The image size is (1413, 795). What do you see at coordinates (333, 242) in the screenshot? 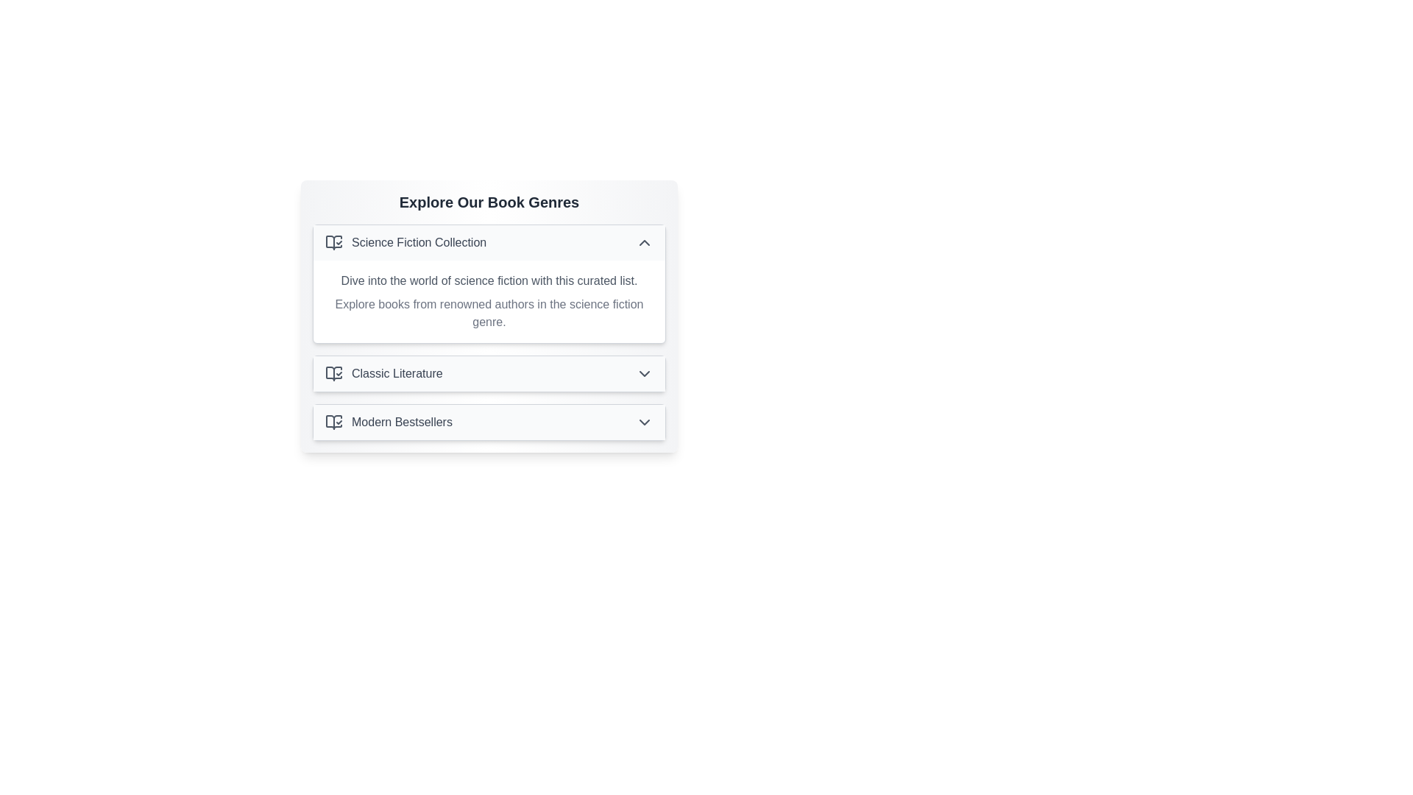
I see `the book genre icon that indicates the 'Science Fiction Collection' selection, which features a checkmark for confirmation, located in the top-left corner of the section` at bounding box center [333, 242].